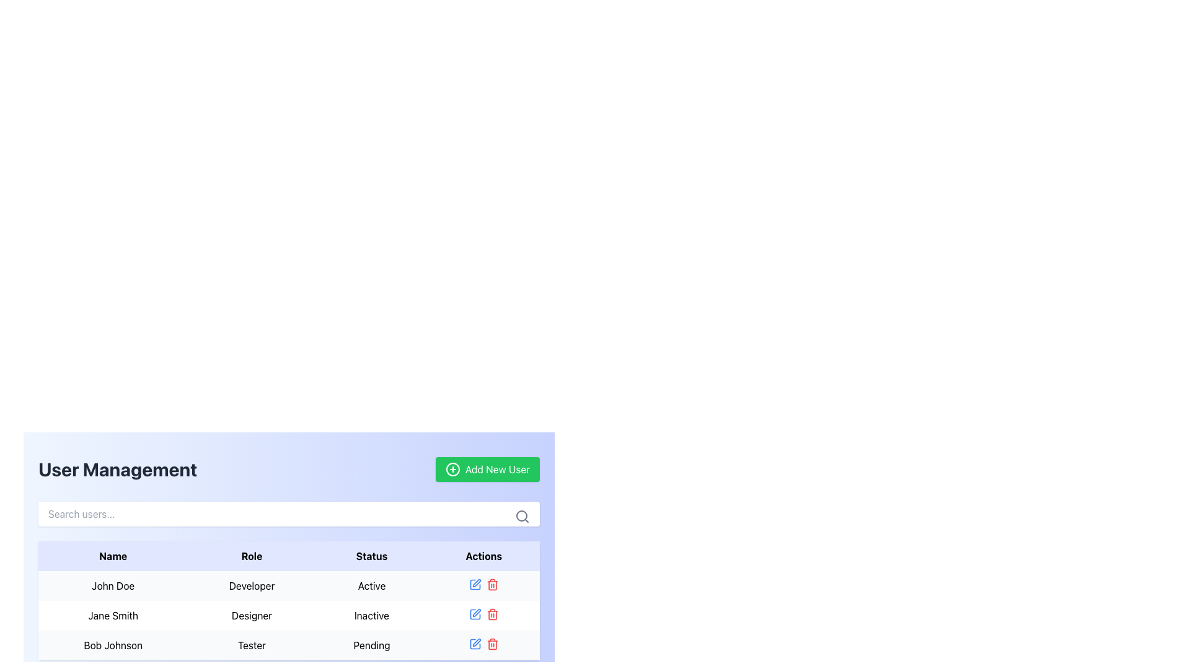  I want to click on the text label element that displays the role 'Developer' in the User Management section, located in the second column of the first row of a table, so click(251, 585).